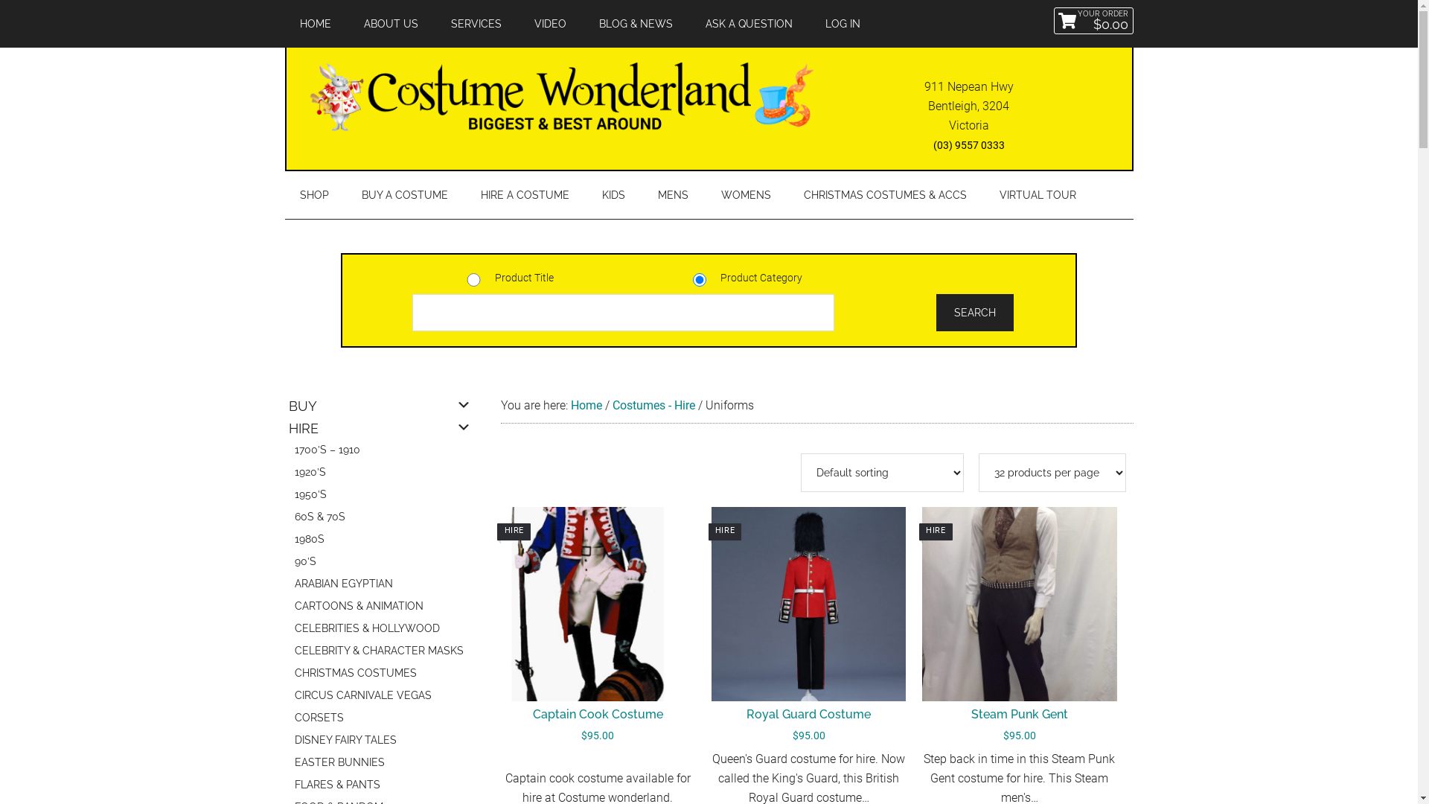  What do you see at coordinates (374, 407) in the screenshot?
I see `'BUY'` at bounding box center [374, 407].